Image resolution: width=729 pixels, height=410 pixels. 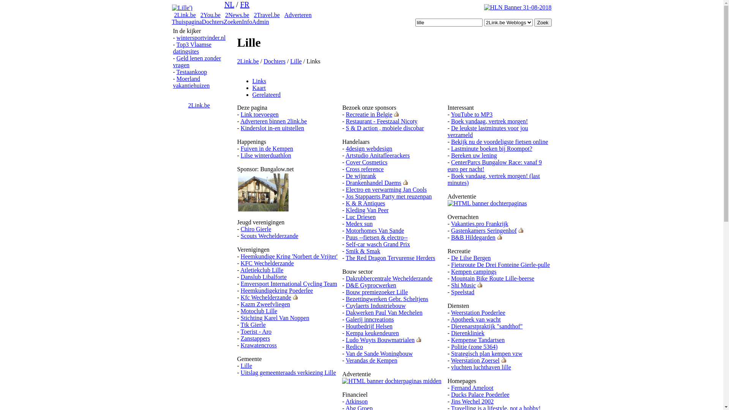 What do you see at coordinates (247, 21) in the screenshot?
I see `'Info'` at bounding box center [247, 21].